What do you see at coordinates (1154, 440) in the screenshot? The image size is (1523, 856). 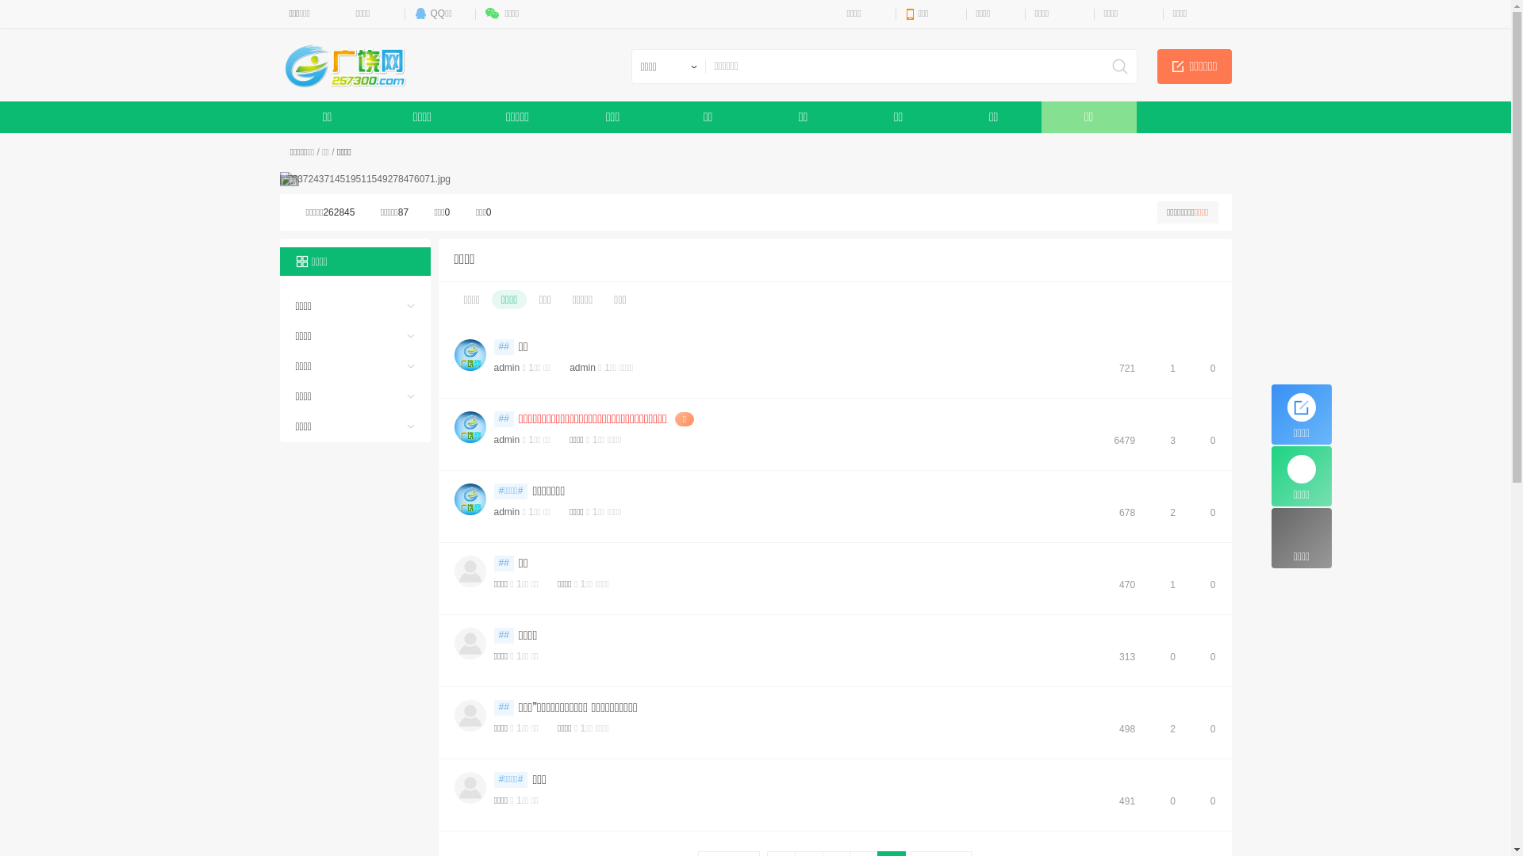 I see `'3'` at bounding box center [1154, 440].